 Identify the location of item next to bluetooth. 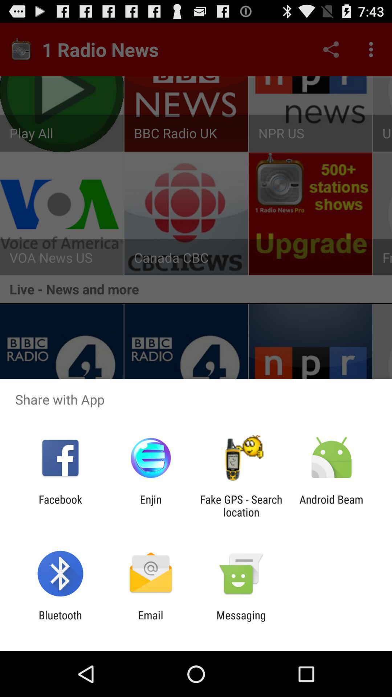
(150, 621).